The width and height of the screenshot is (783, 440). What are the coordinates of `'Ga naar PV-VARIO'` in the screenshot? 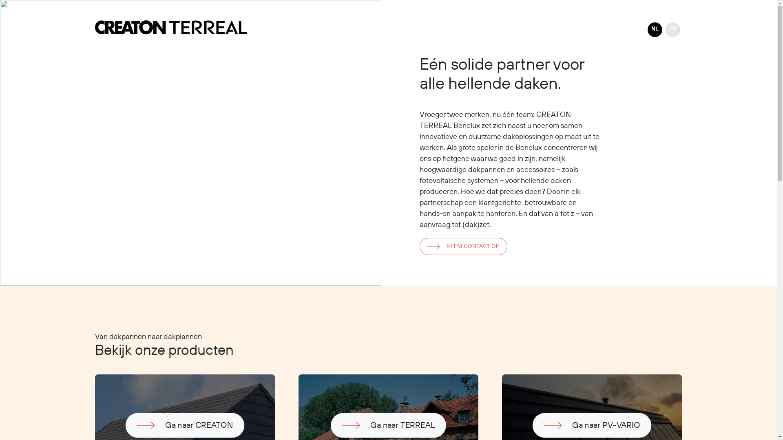 It's located at (573, 421).